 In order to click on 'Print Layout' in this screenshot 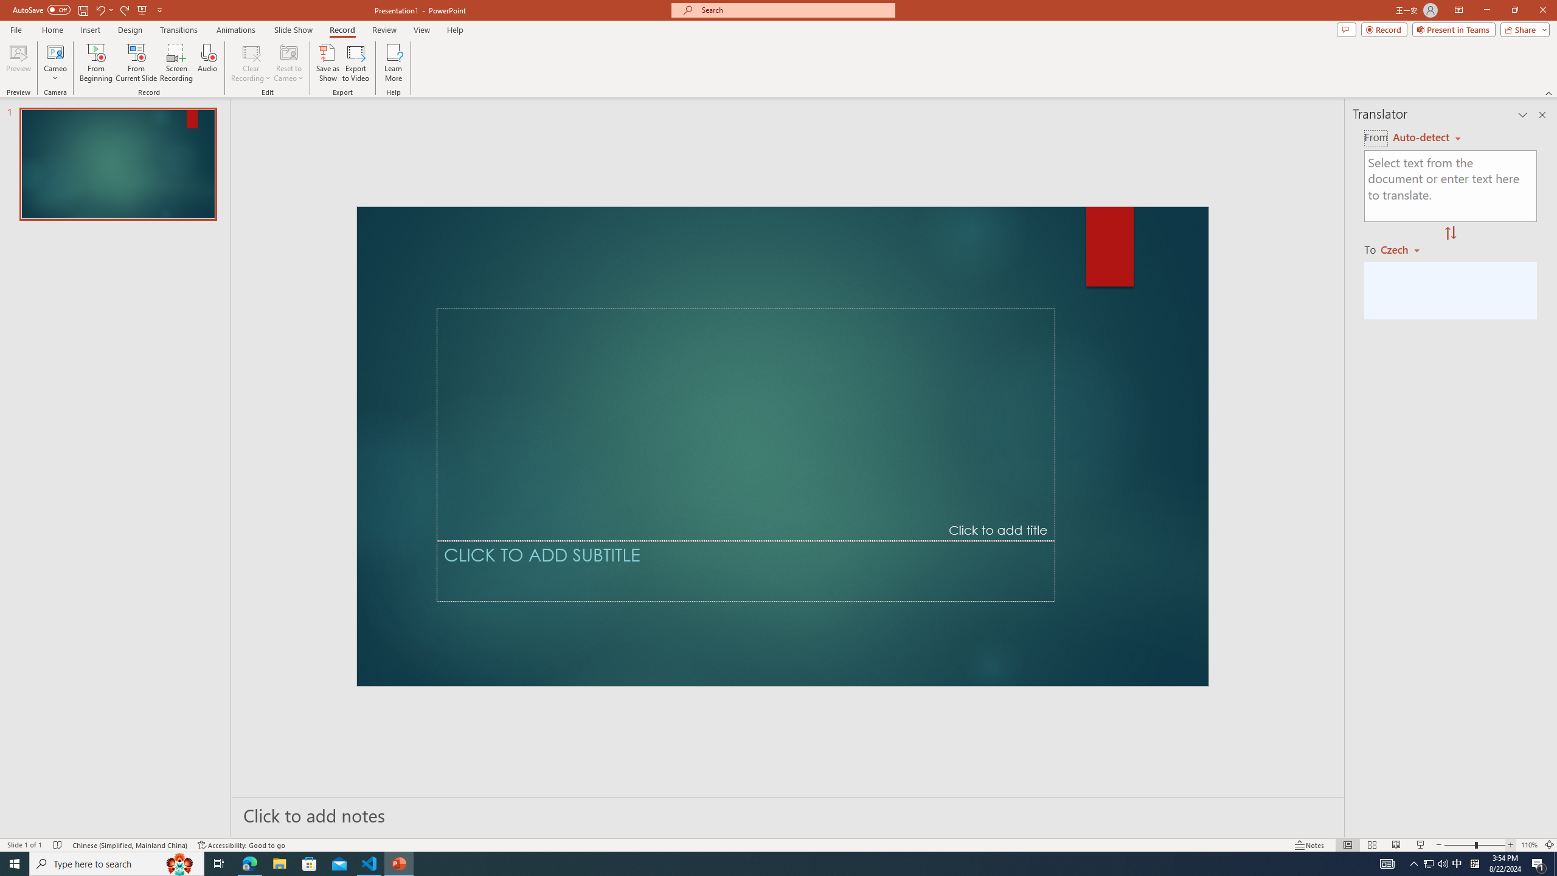, I will do `click(1341, 827)`.